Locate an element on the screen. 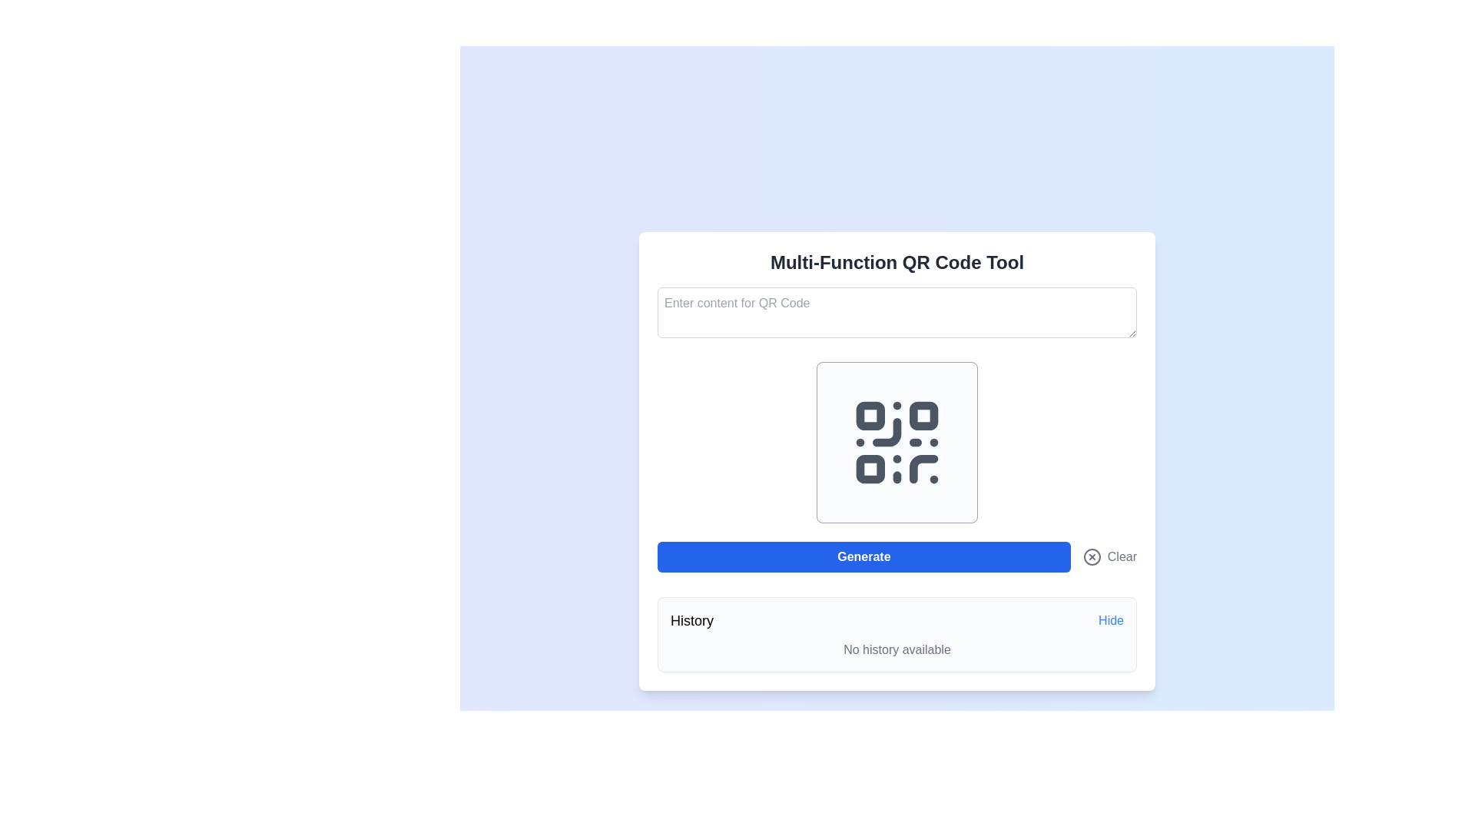 Image resolution: width=1475 pixels, height=830 pixels. the Icon component that is part of a QR code-like design, located in the middle right quadrant of the visual representation is located at coordinates (887, 432).